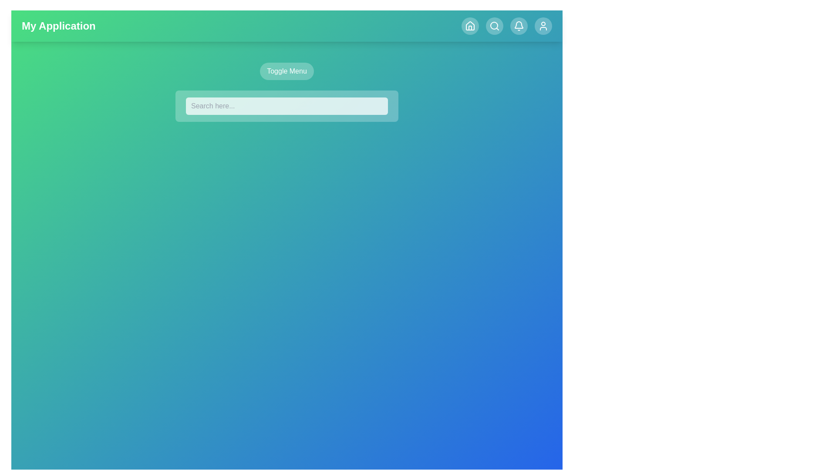 The height and width of the screenshot is (470, 836). Describe the element at coordinates (287, 105) in the screenshot. I see `the search bar and type the text 'example search'` at that location.